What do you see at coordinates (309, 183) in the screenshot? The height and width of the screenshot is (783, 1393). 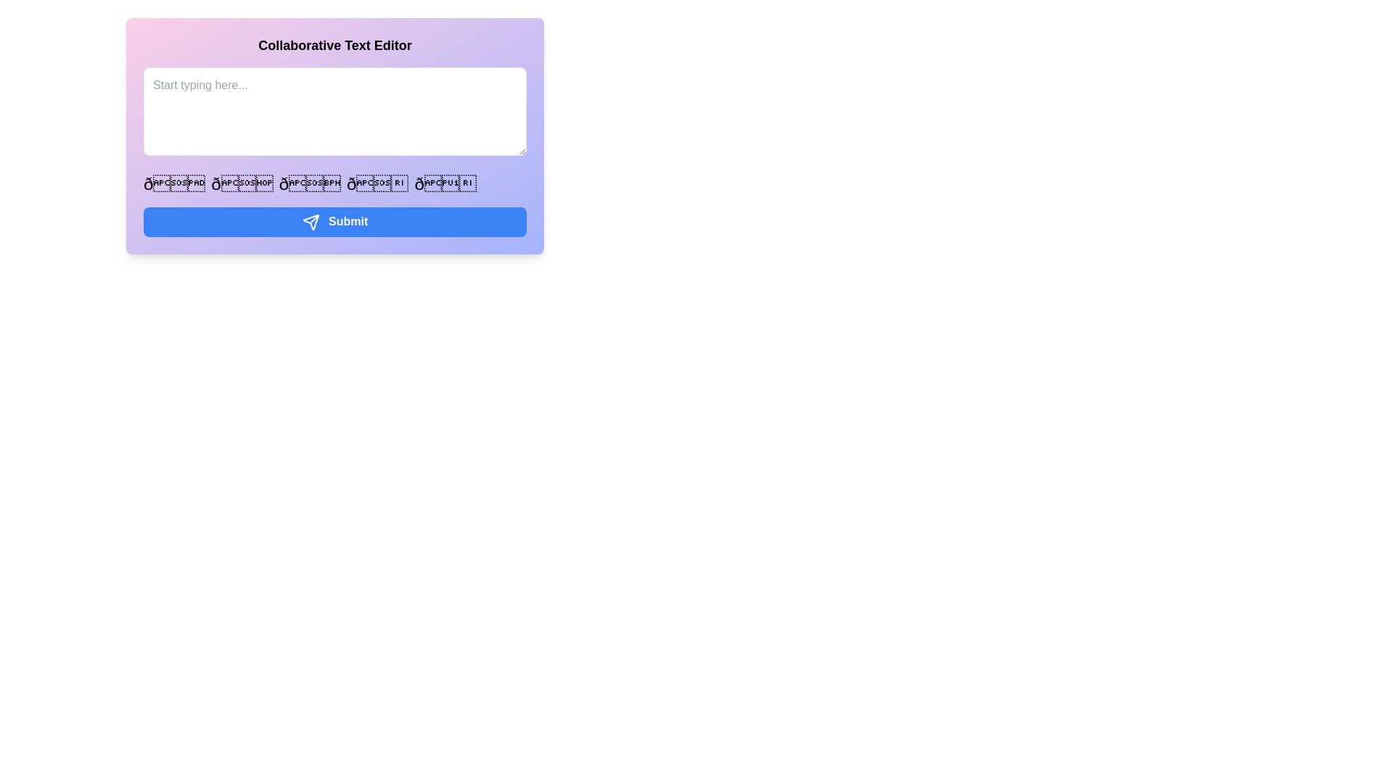 I see `the third emoji-like character in the horizontal row` at bounding box center [309, 183].